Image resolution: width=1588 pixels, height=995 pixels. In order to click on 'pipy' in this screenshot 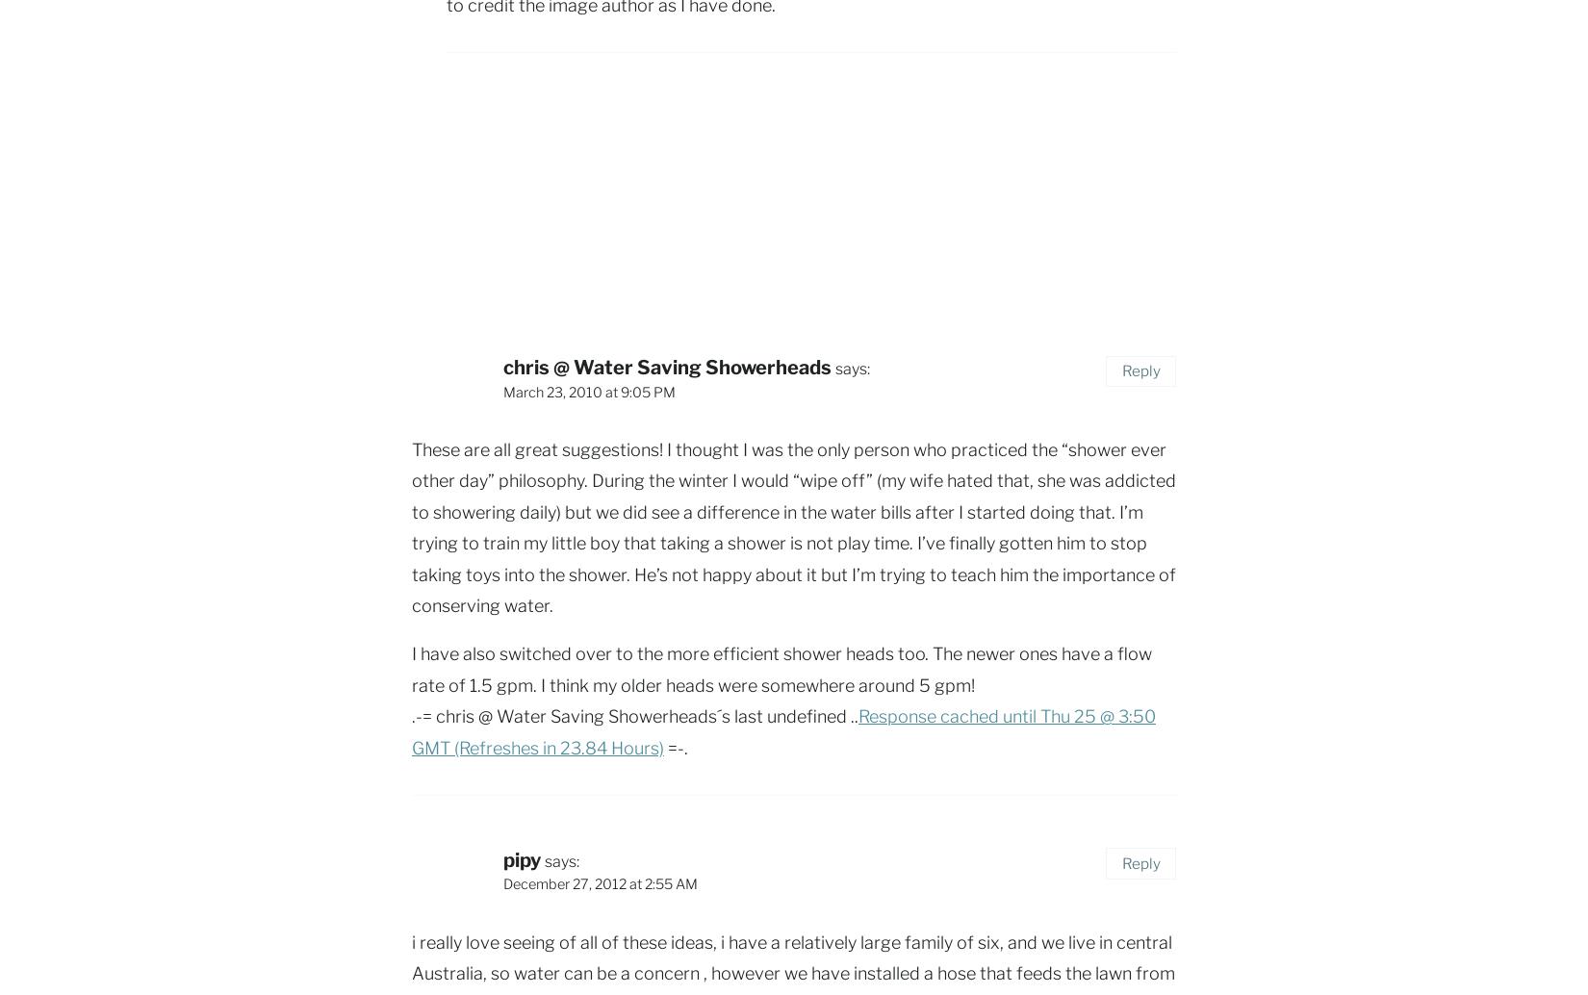, I will do `click(521, 857)`.